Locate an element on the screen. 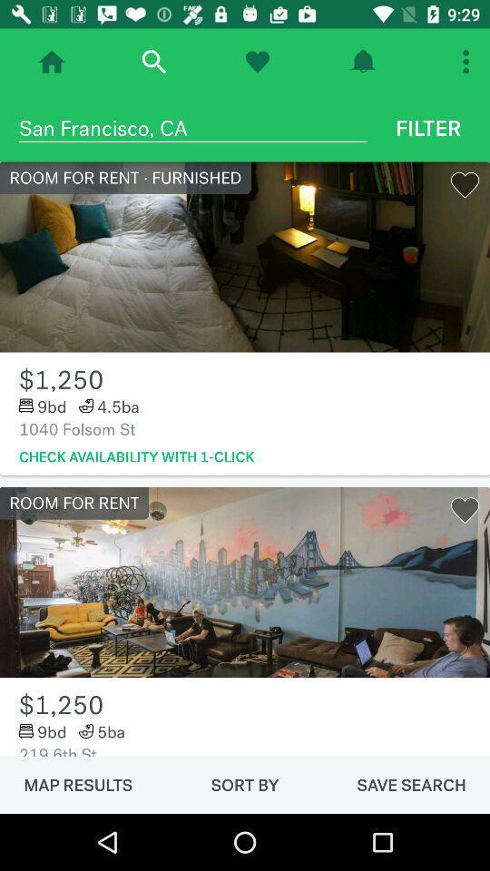  home is located at coordinates (52, 62).